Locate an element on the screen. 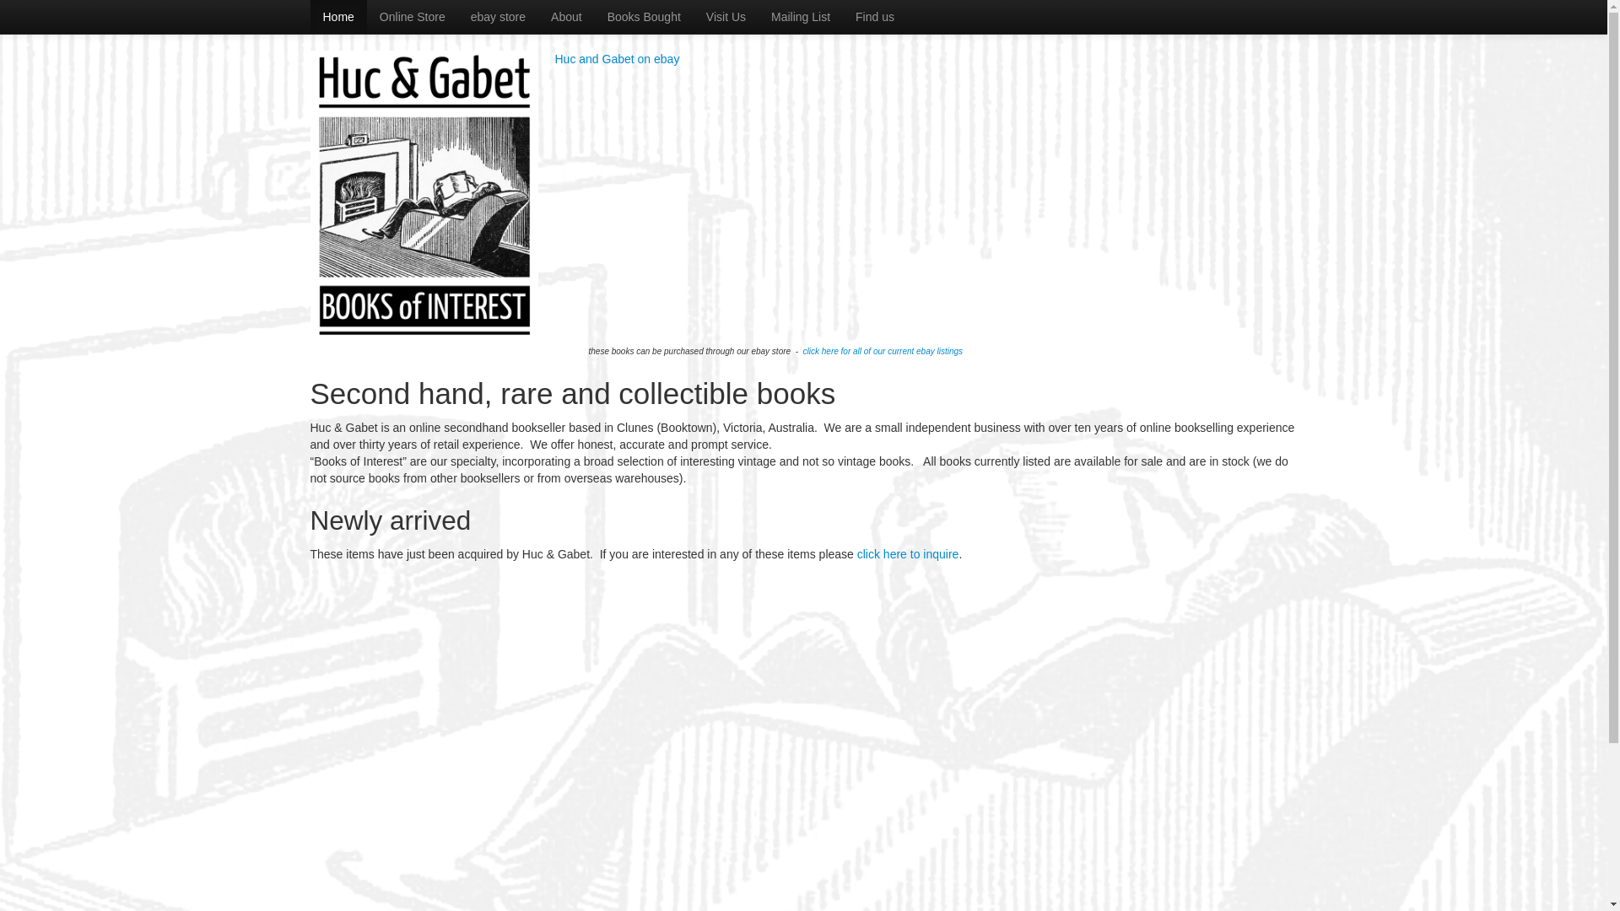 The width and height of the screenshot is (1620, 911). 'click here to inquire' is located at coordinates (857, 553).